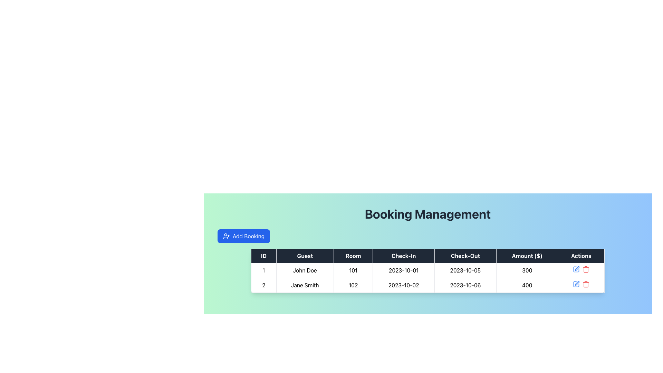  Describe the element at coordinates (305, 256) in the screenshot. I see `the Table Header Cell that indicates the 'Guest' column in the table, located between the 'ID' and 'Room' headers` at that location.